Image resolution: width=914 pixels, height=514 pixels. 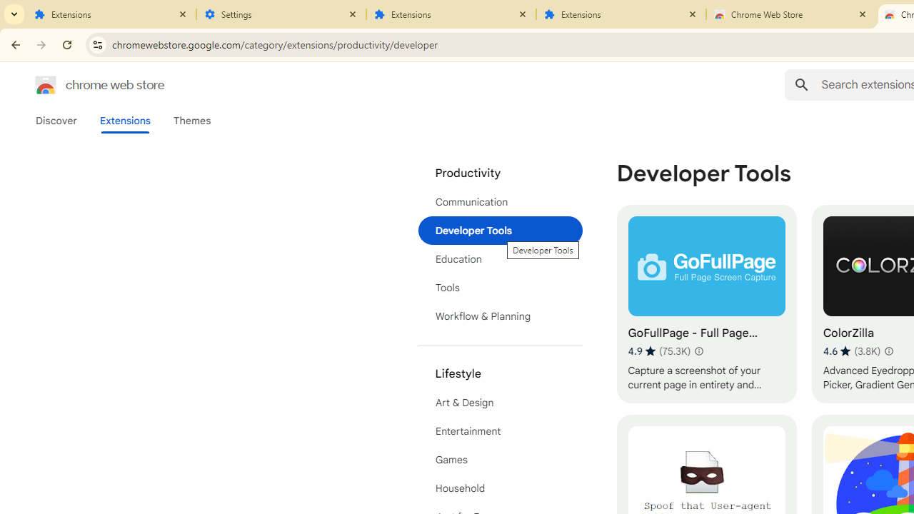 I want to click on 'Average rating 4.6 out of 5 stars. 3.8K ratings.', so click(x=851, y=351).